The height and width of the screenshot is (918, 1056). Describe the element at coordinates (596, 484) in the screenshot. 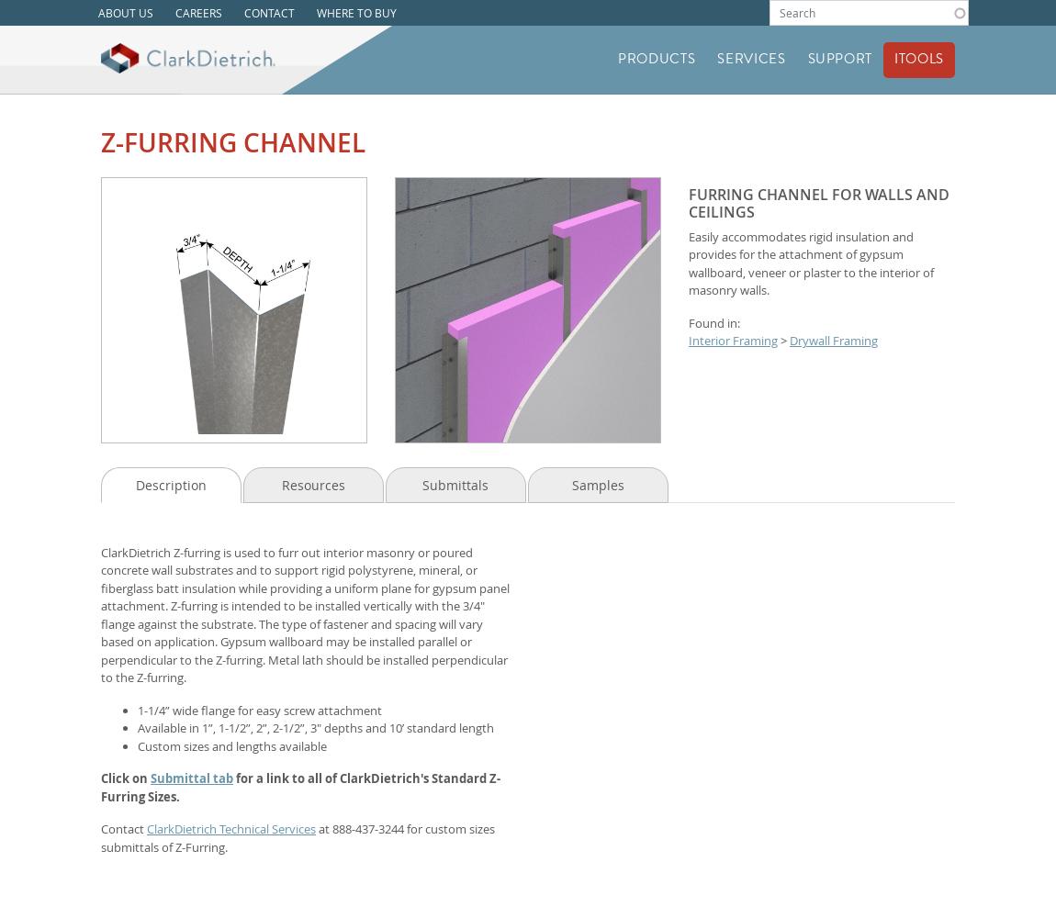

I see `'Samples'` at that location.